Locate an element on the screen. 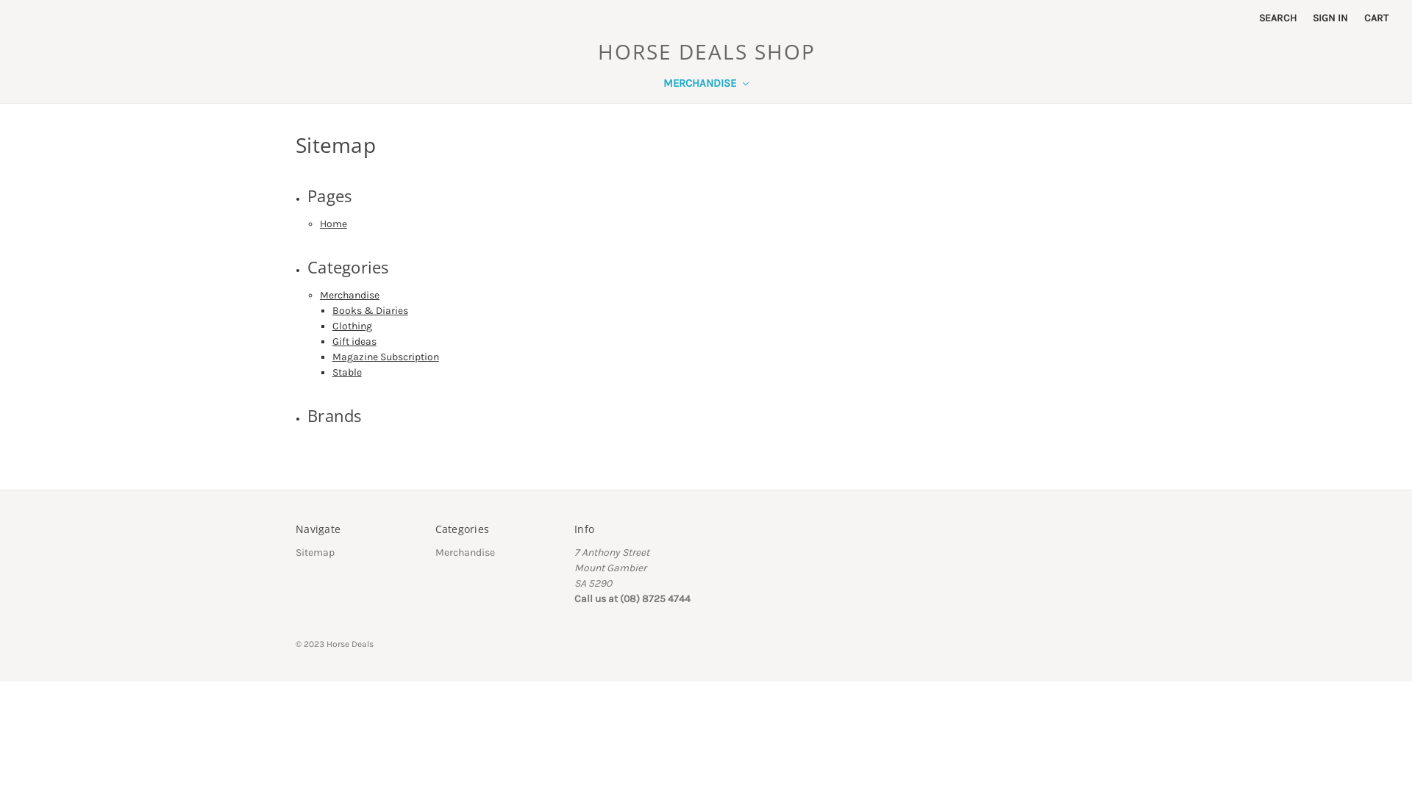  'Sitemap' is located at coordinates (314, 552).